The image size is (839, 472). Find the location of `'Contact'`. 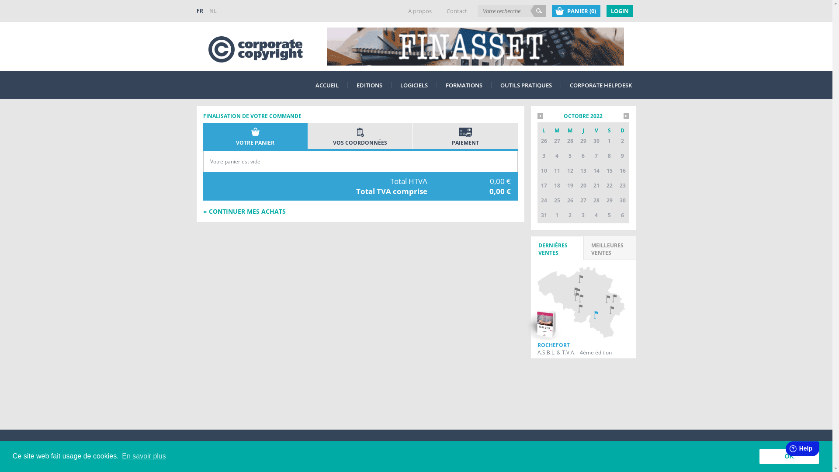

'Contact' is located at coordinates (456, 10).